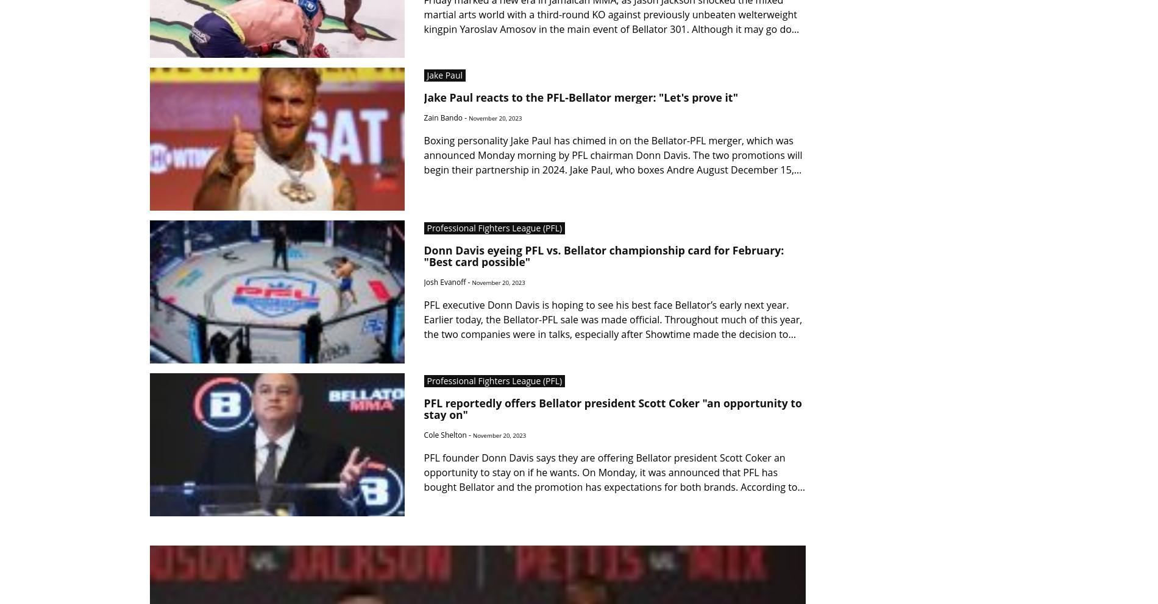  Describe the element at coordinates (603, 255) in the screenshot. I see `'Donn Davis eyeing PFL vs. Bellator championship card for February: "Best card possible"'` at that location.